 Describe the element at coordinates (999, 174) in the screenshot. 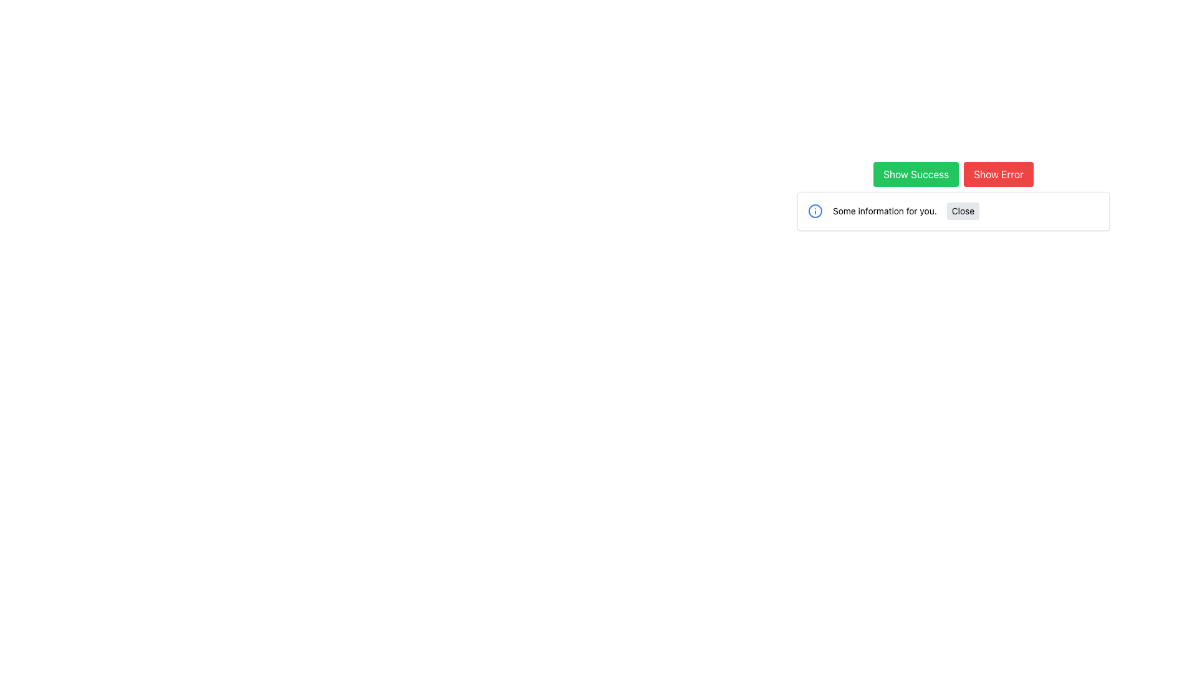

I see `the second button from the left in the horizontal group` at that location.